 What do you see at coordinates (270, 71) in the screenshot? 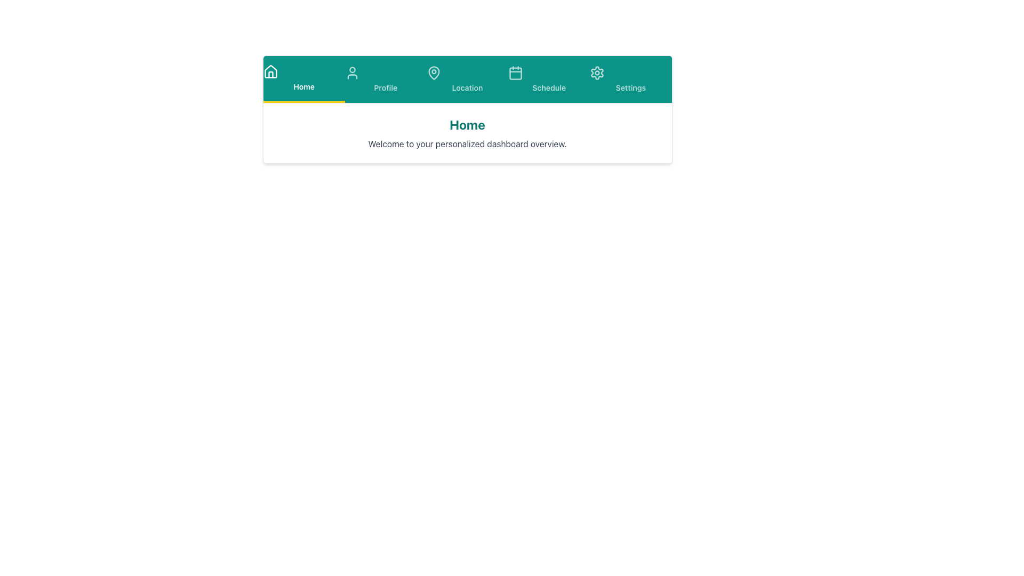
I see `the first icon on the left in the navbar` at bounding box center [270, 71].